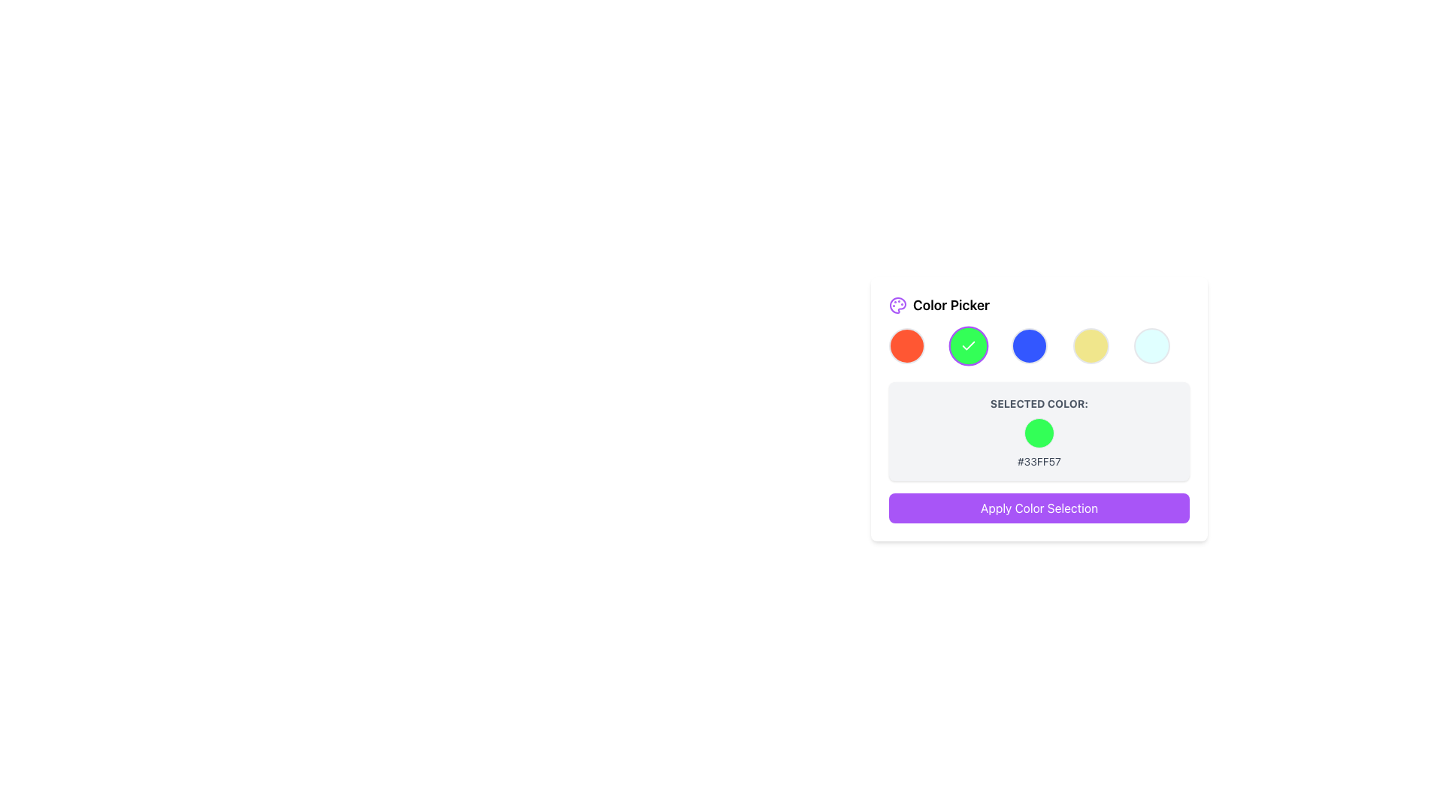 This screenshot has width=1443, height=811. Describe the element at coordinates (968, 346) in the screenshot. I see `the green color option button, which is the second circular option in a horizontal grid of five color options, positioned between the red and blue circles` at that location.